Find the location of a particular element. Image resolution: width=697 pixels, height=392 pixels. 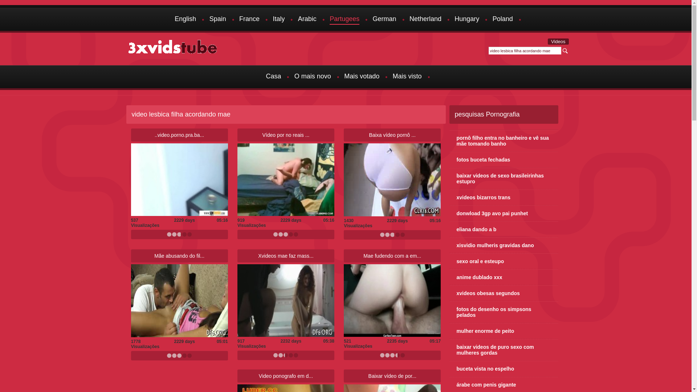

'Arabic' is located at coordinates (298, 19).